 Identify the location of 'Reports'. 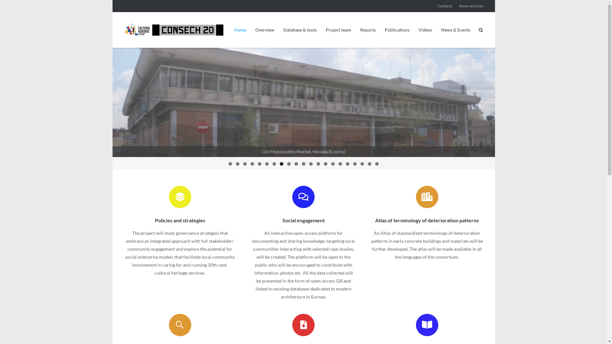
(368, 30).